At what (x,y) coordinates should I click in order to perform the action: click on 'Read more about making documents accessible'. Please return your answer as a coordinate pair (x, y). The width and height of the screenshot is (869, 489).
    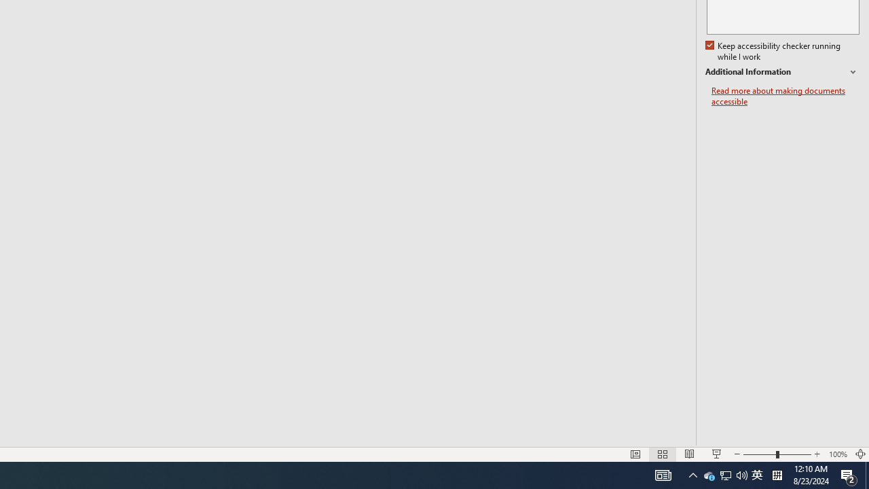
    Looking at the image, I should click on (785, 96).